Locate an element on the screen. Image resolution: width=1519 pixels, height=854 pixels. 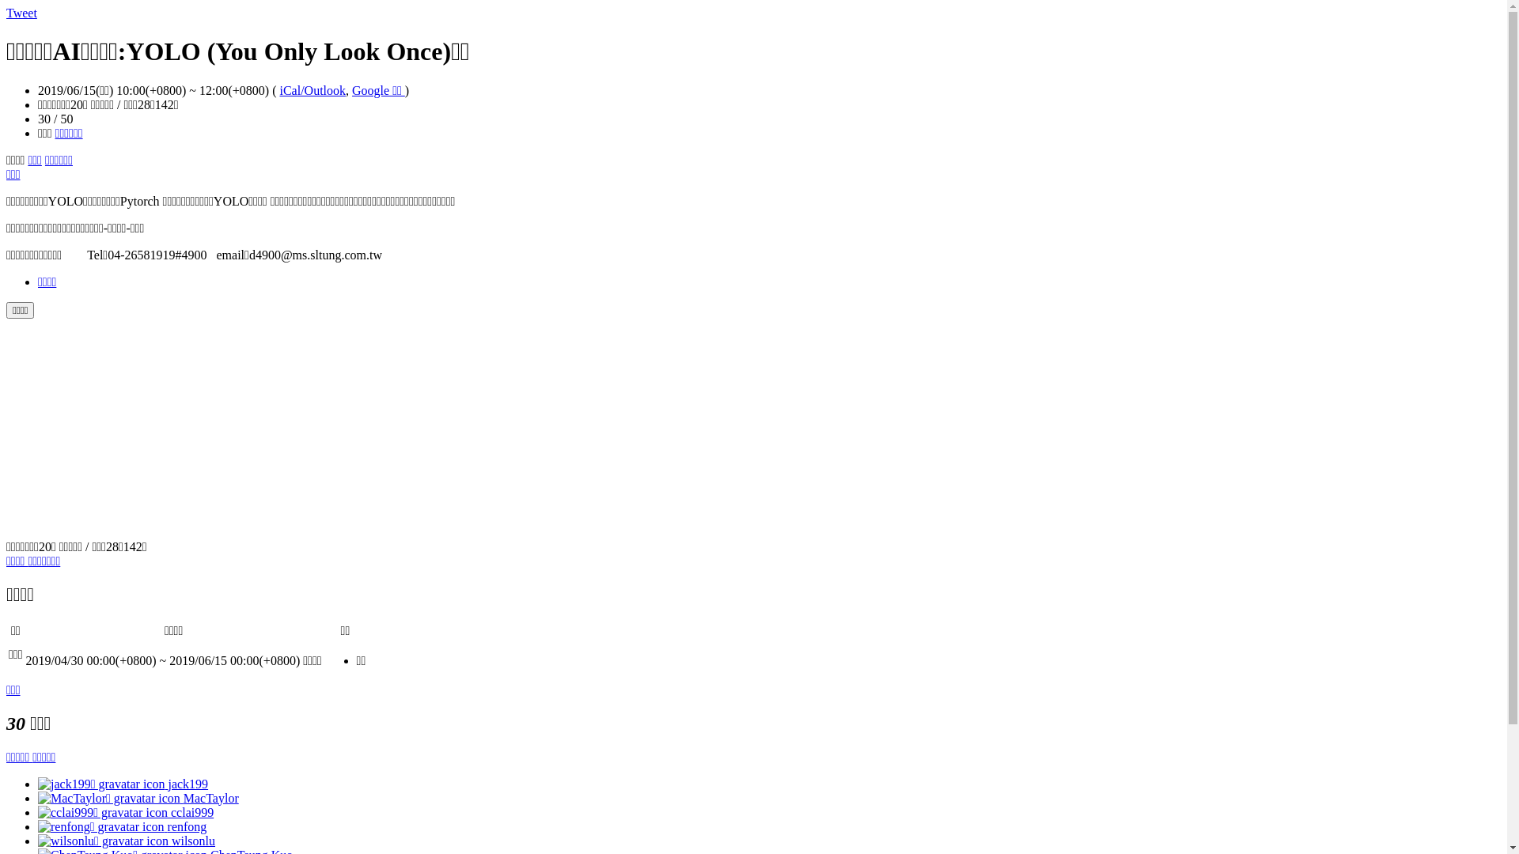
'cclai999' is located at coordinates (124, 811).